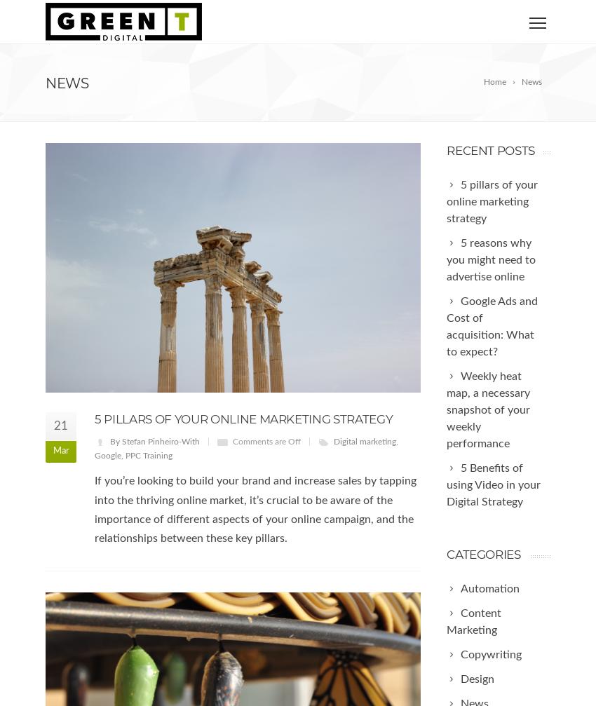 This screenshot has height=706, width=596. What do you see at coordinates (60, 449) in the screenshot?
I see `'Mar'` at bounding box center [60, 449].